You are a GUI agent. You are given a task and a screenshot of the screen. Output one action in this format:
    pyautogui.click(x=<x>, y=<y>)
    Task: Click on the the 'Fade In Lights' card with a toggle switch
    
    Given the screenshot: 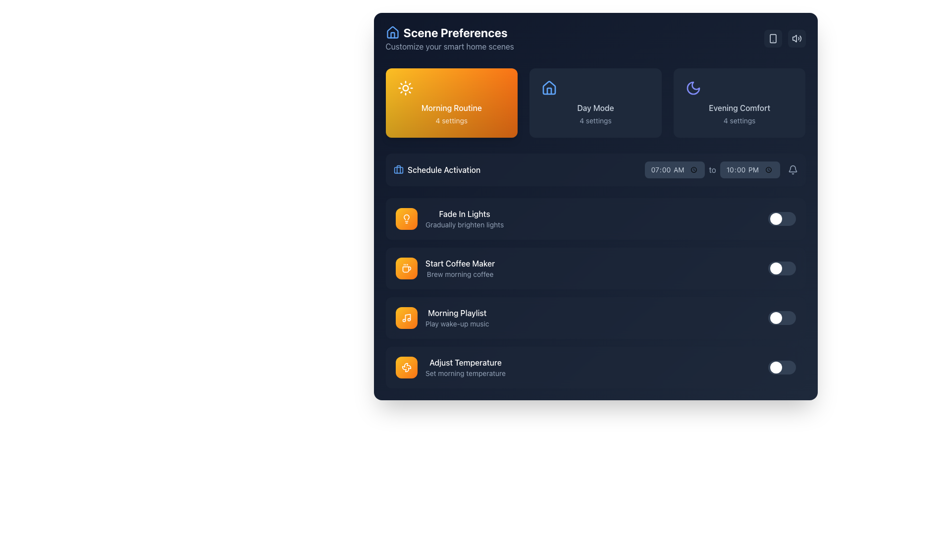 What is the action you would take?
    pyautogui.click(x=595, y=218)
    